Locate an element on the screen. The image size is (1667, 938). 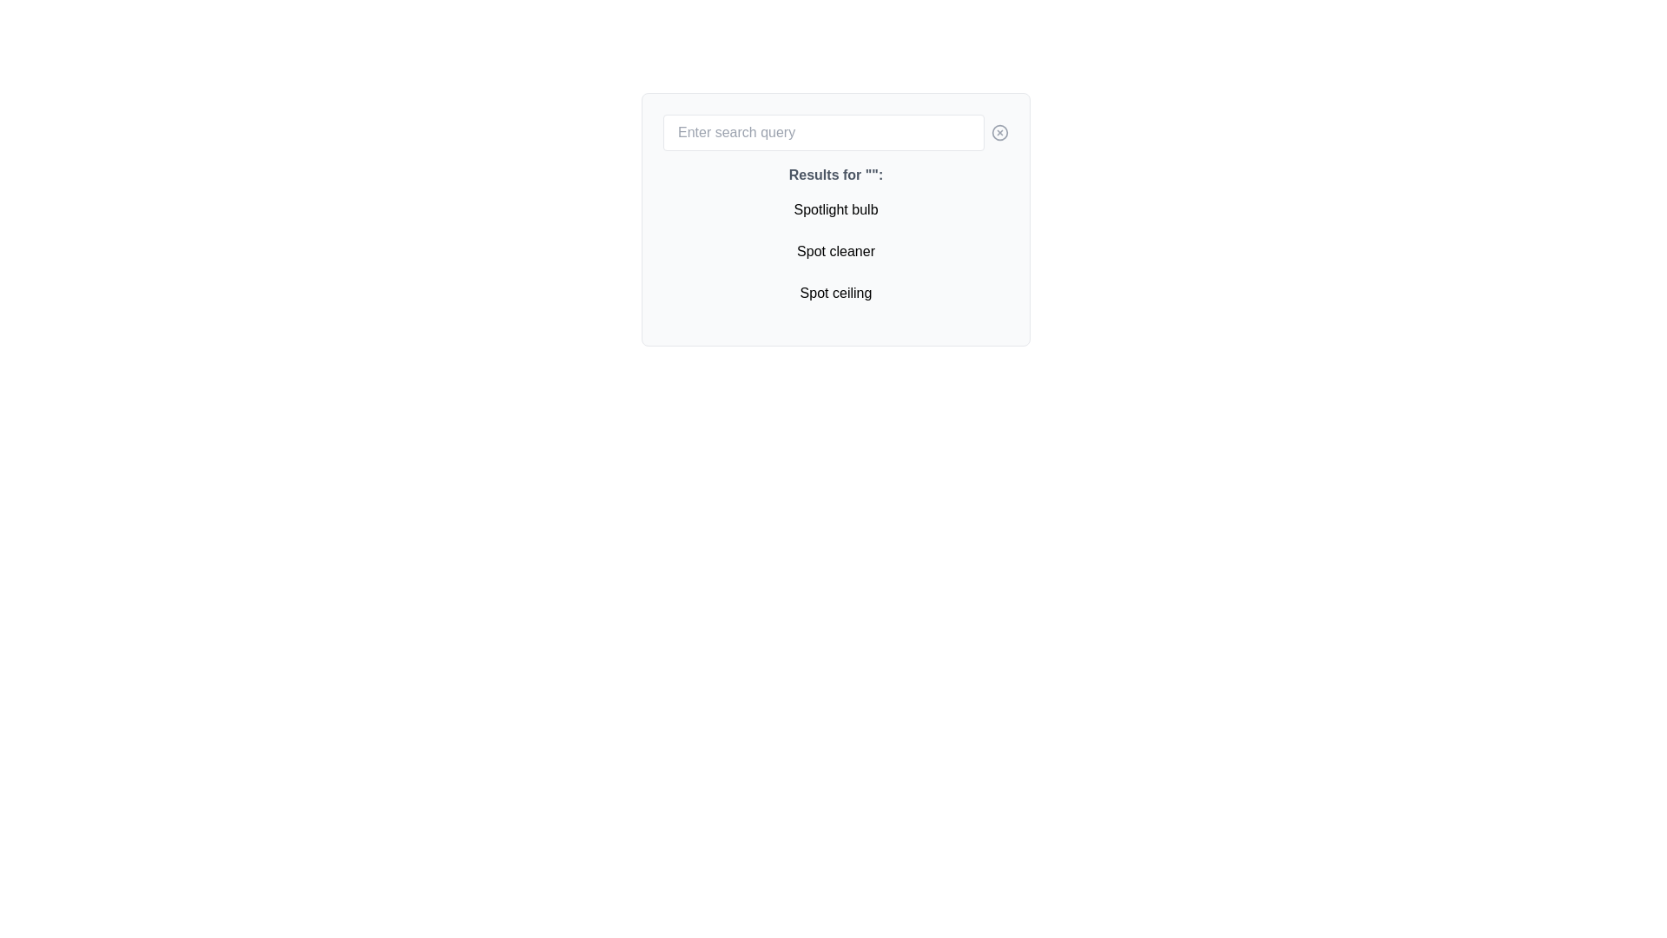
the 'o' character in the text 'Spot ceiling' is located at coordinates (820, 292).